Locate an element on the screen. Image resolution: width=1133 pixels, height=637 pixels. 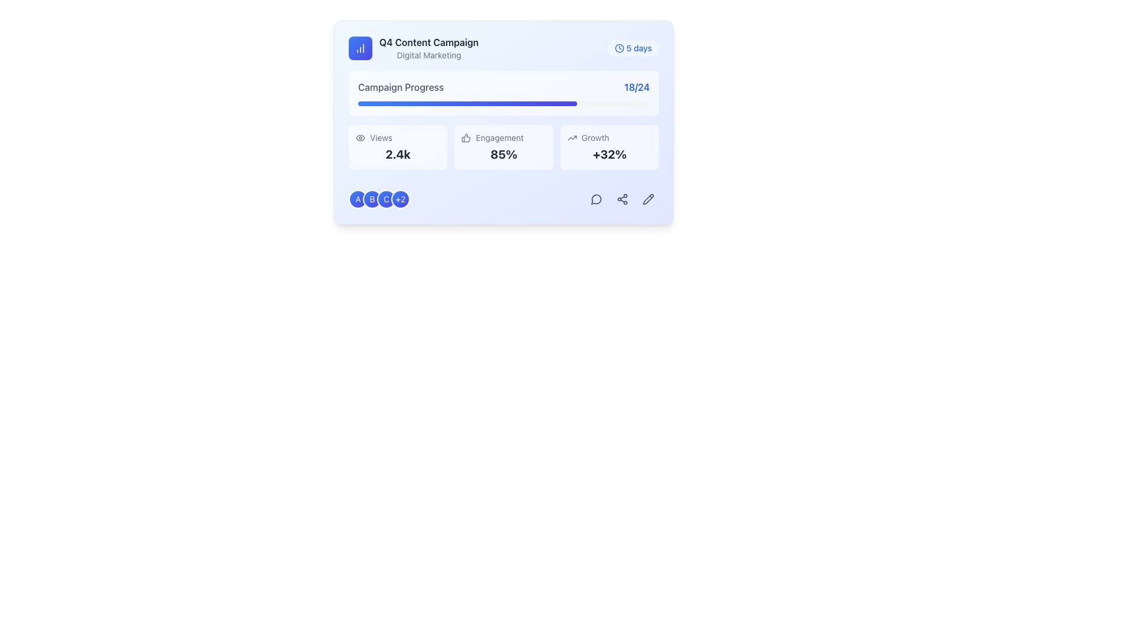
the Icon button with a bar chart icon, which is a square-shaped button with rounded corners, featuring a blue is located at coordinates (359, 47).